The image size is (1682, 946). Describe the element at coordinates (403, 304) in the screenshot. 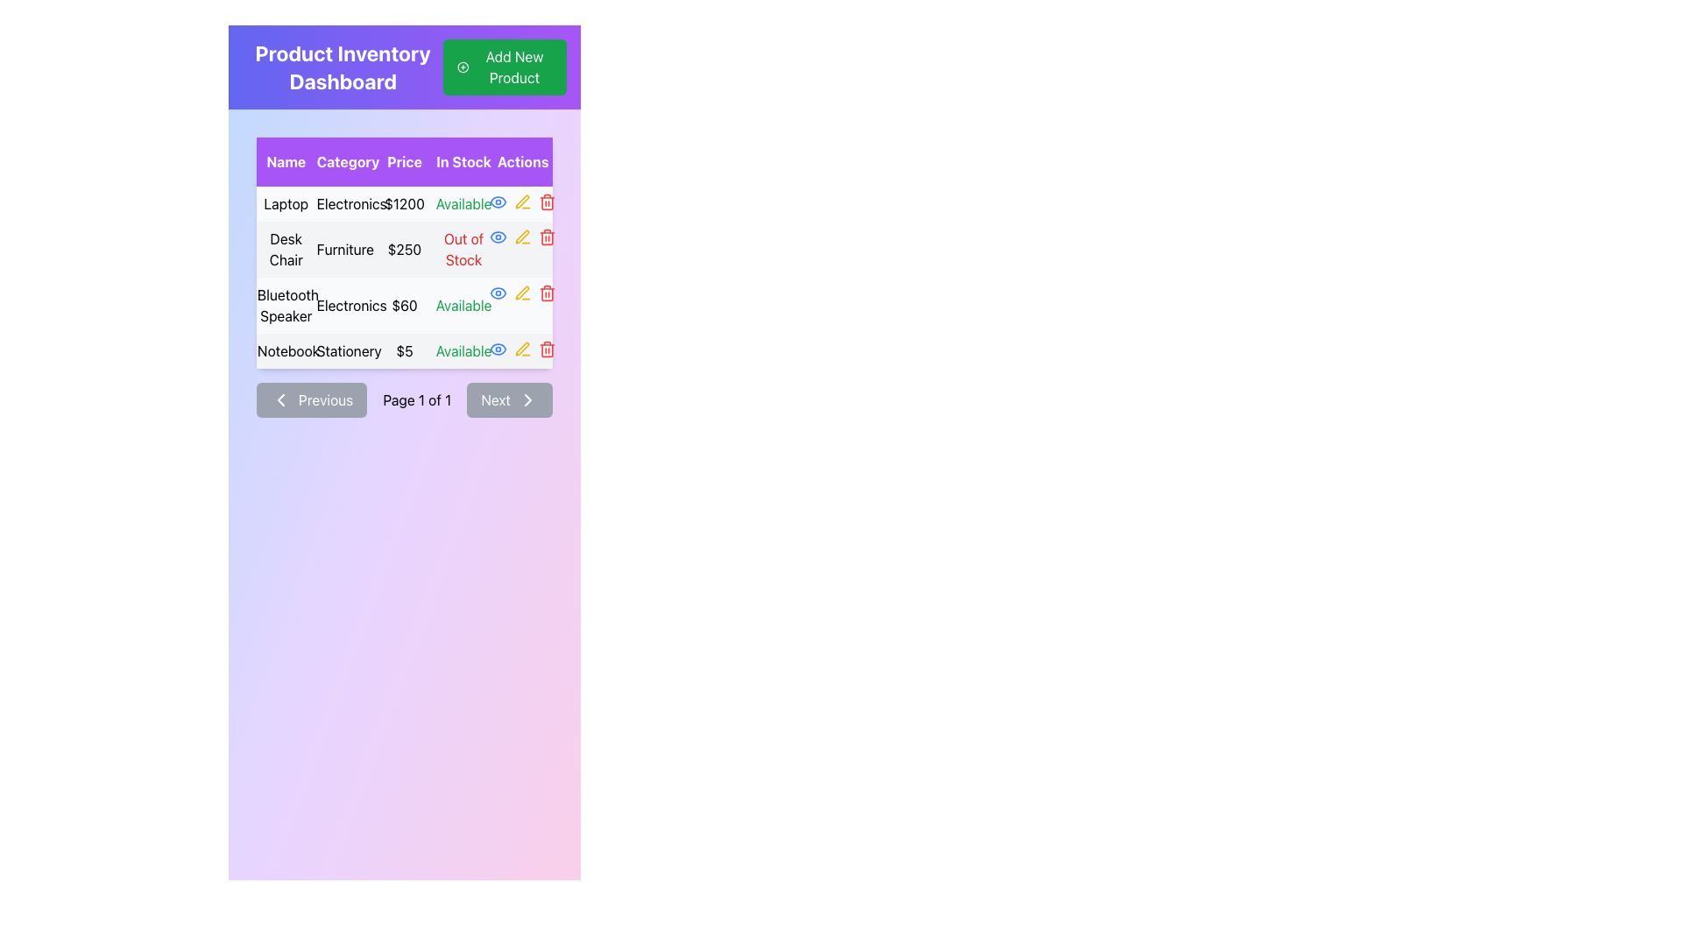

I see `the static text element displaying the price '$60' for the product 'Bluetooth Speaker' located in the third row of the 'Price' column in a table` at that location.